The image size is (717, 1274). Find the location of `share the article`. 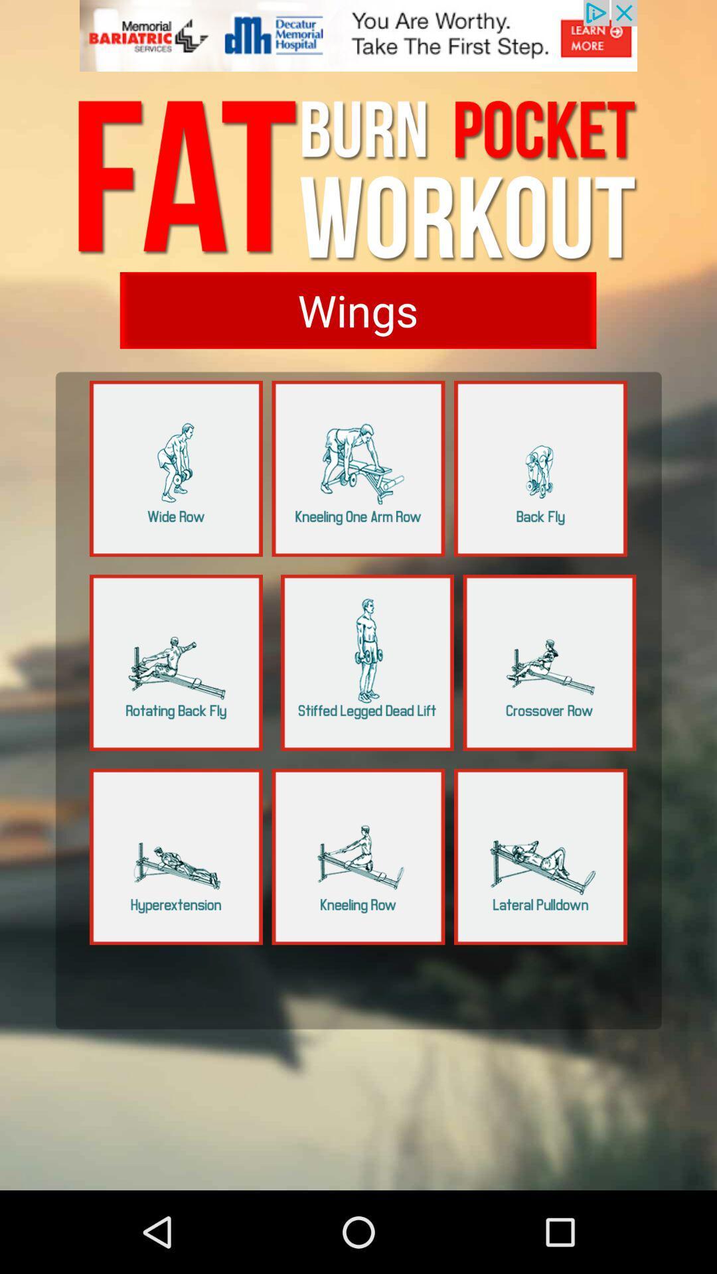

share the article is located at coordinates (358, 468).